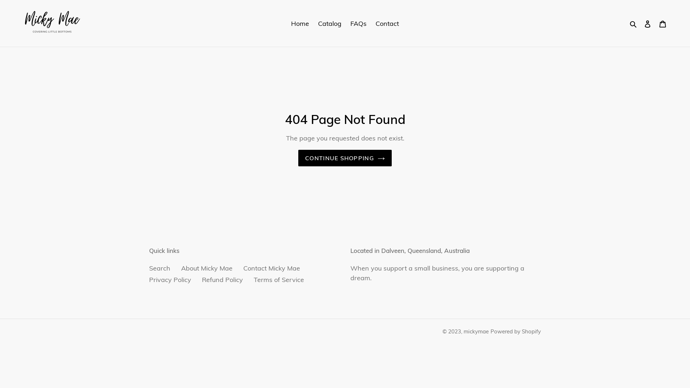 This screenshot has height=388, width=690. Describe the element at coordinates (300, 23) in the screenshot. I see `'Home'` at that location.